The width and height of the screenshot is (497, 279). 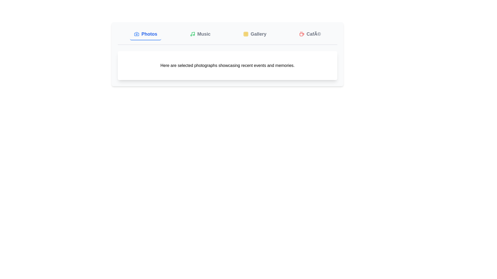 I want to click on the 'Photos' navigation button located at the top left of the navigation bar, so click(x=145, y=34).